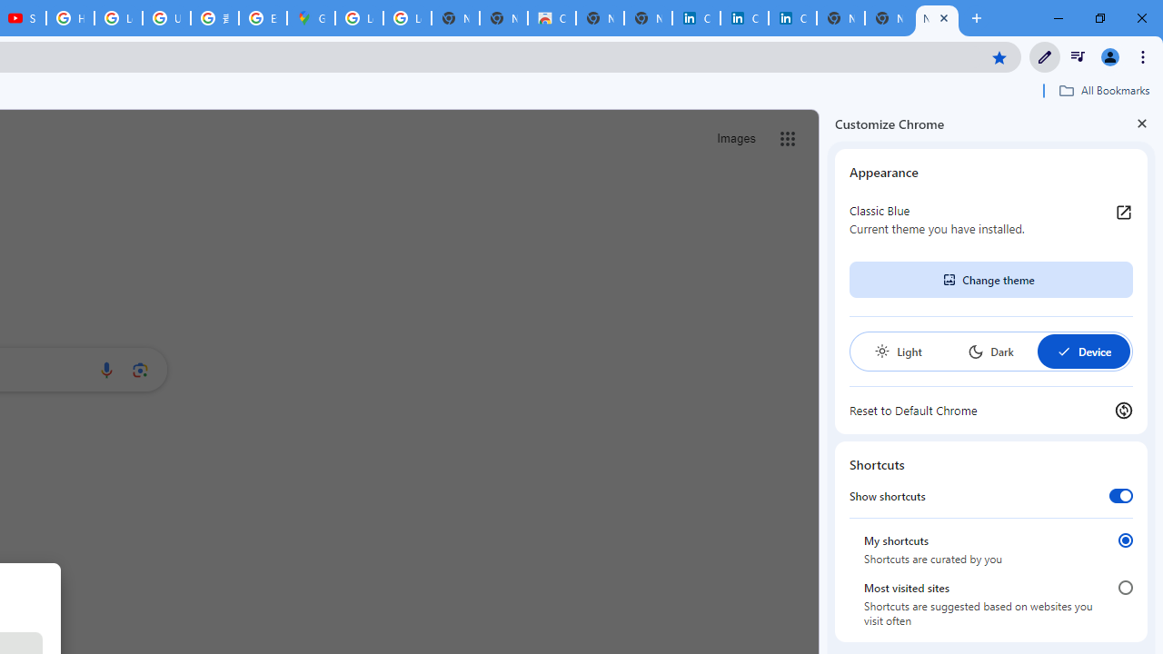  What do you see at coordinates (898, 352) in the screenshot?
I see `'Light'` at bounding box center [898, 352].